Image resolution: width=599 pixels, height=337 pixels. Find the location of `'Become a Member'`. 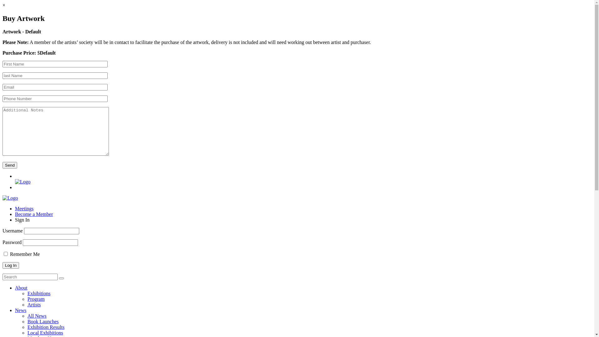

'Become a Member' is located at coordinates (34, 214).